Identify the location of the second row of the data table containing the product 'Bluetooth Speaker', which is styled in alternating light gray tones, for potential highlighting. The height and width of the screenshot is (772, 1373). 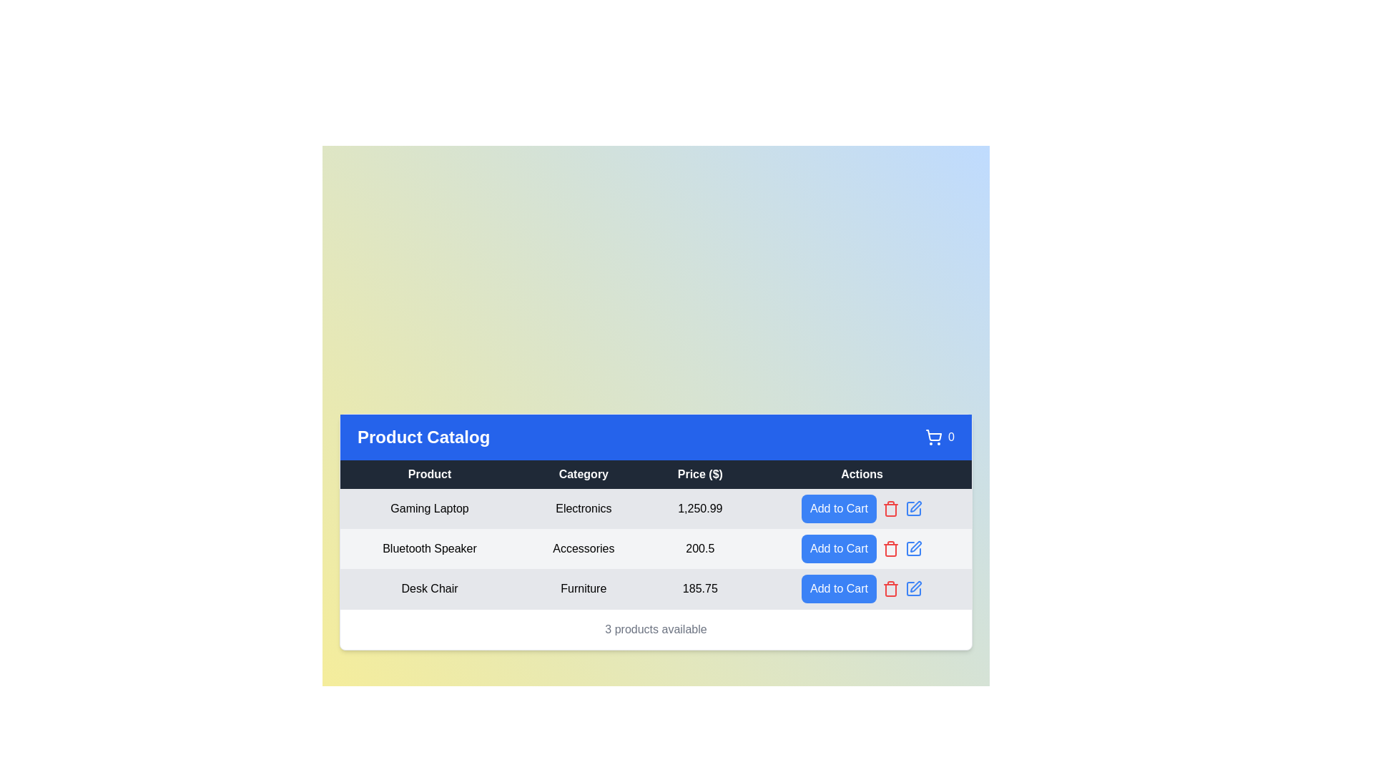
(655, 548).